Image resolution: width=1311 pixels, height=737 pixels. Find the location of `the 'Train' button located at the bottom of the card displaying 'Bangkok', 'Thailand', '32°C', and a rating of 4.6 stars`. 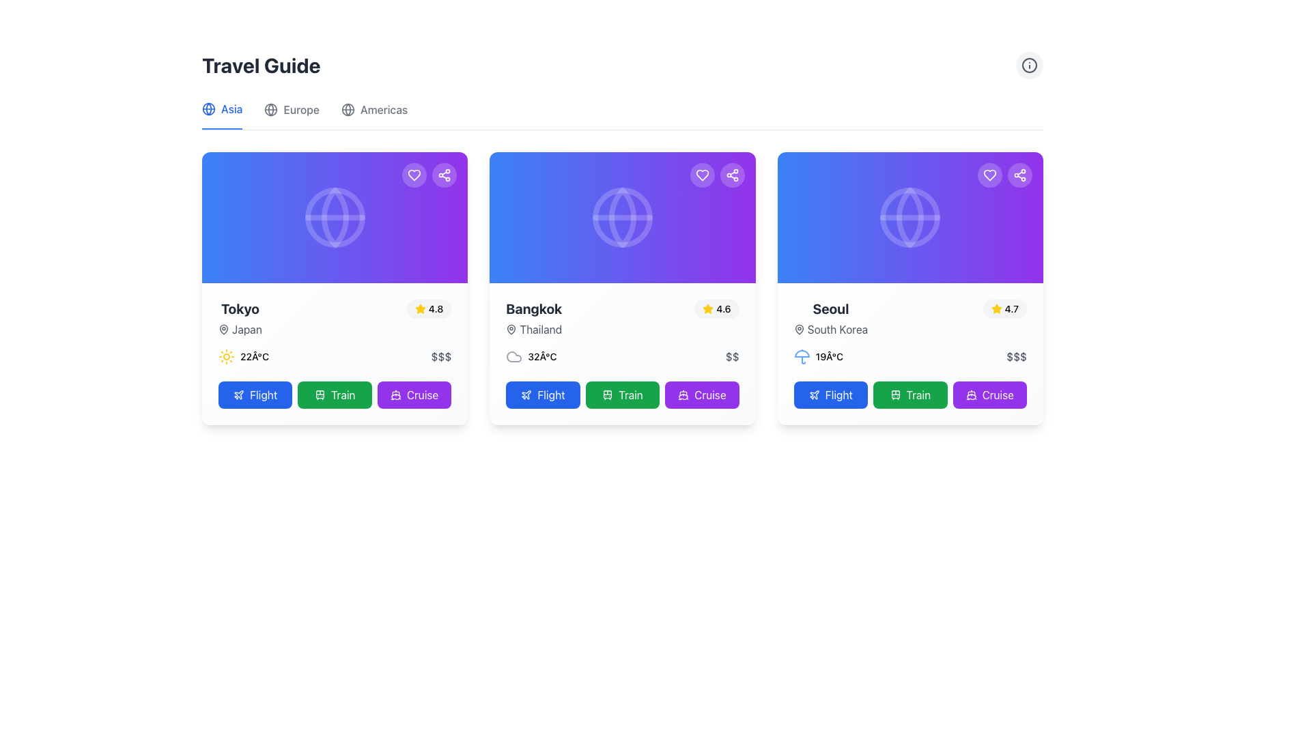

the 'Train' button located at the bottom of the card displaying 'Bangkok', 'Thailand', '32°C', and a rating of 4.6 stars is located at coordinates (622, 288).